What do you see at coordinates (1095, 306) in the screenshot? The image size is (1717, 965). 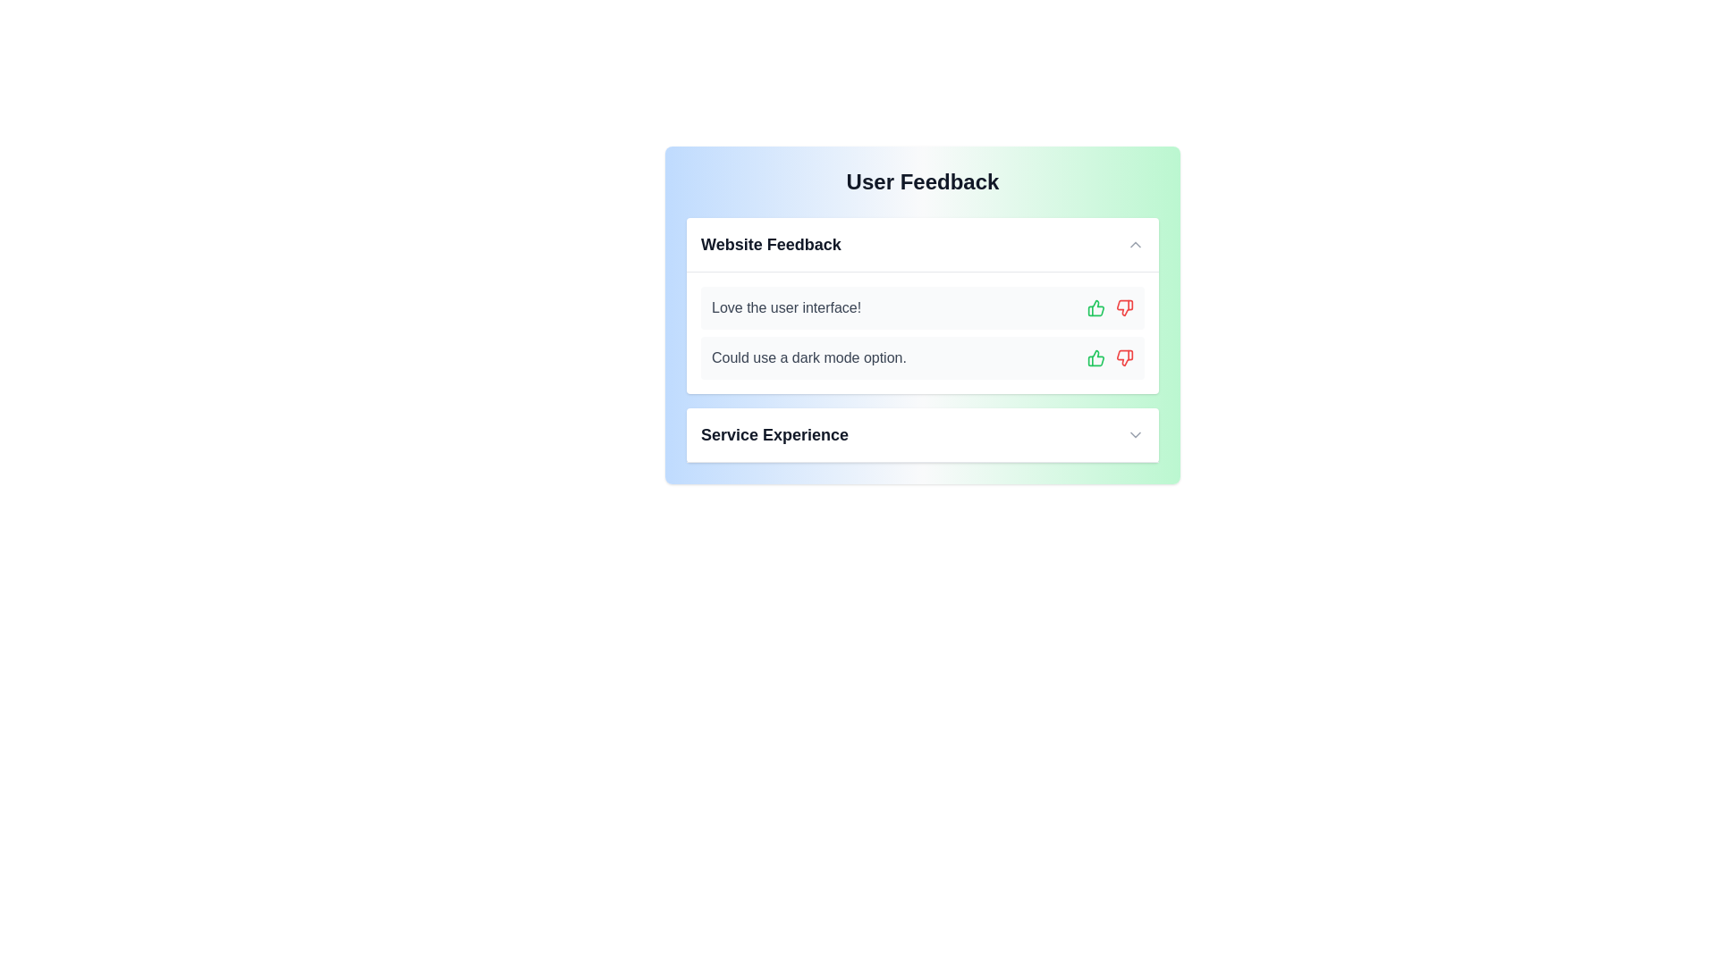 I see `the thumbs up icon for the comment 'Love the user interface!'` at bounding box center [1095, 306].